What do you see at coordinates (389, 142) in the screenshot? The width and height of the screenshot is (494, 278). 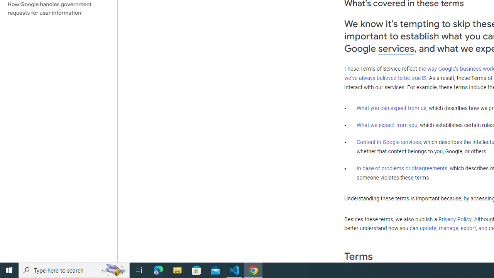 I see `'Content in Google services'` at bounding box center [389, 142].